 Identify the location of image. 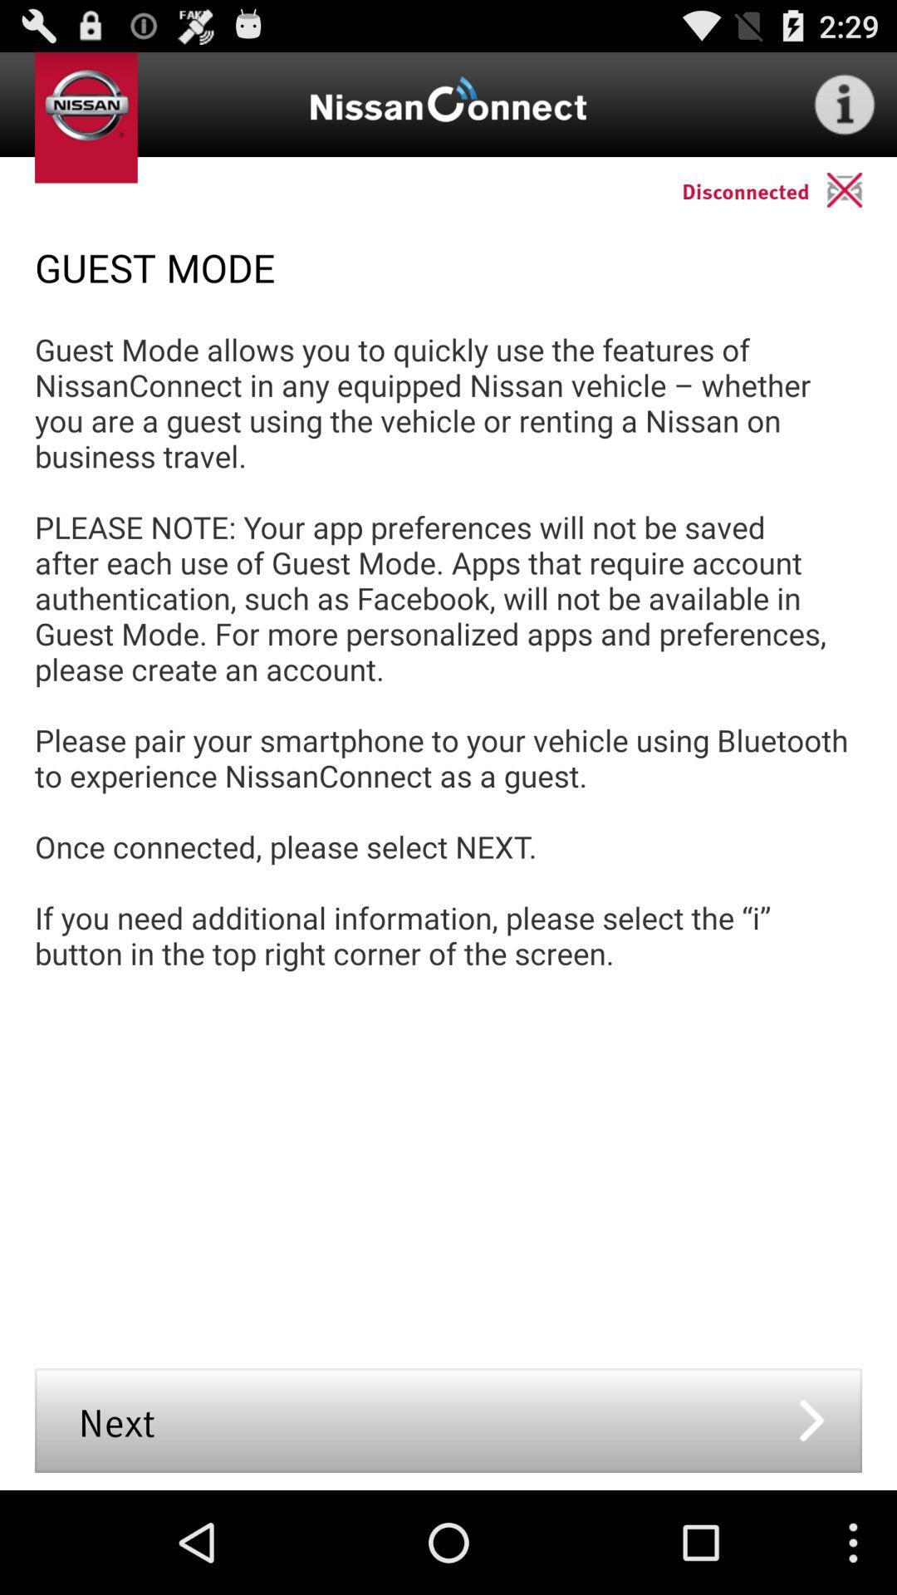
(860, 189).